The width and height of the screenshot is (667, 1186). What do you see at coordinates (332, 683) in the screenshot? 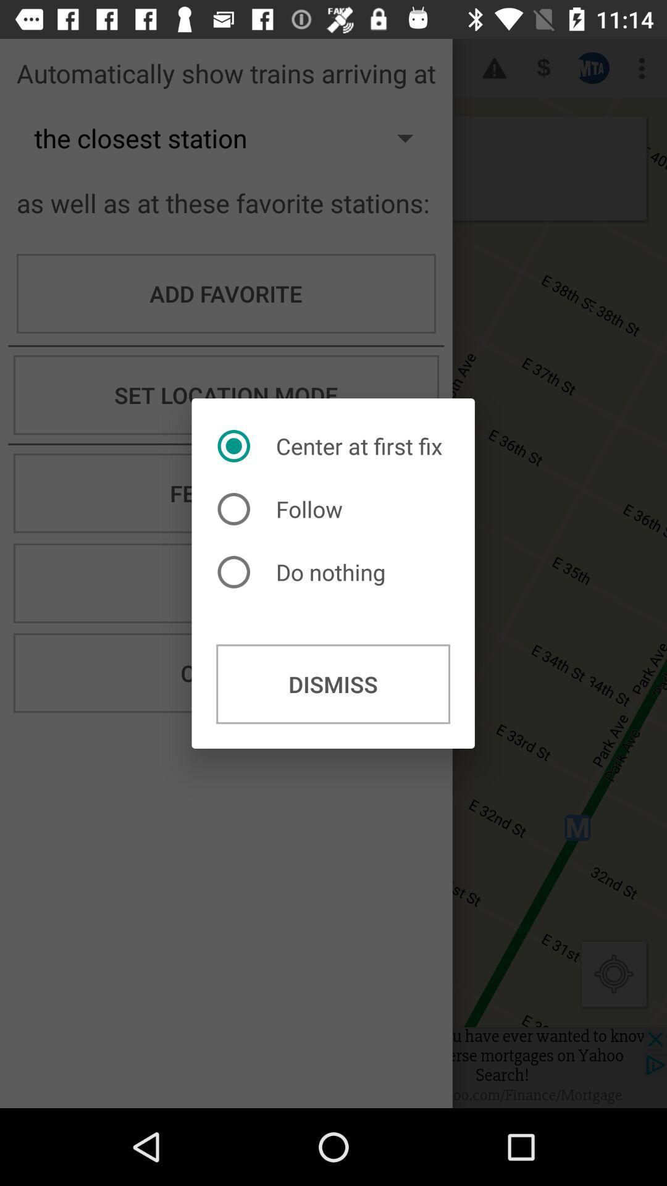
I see `item below the do nothing item` at bounding box center [332, 683].